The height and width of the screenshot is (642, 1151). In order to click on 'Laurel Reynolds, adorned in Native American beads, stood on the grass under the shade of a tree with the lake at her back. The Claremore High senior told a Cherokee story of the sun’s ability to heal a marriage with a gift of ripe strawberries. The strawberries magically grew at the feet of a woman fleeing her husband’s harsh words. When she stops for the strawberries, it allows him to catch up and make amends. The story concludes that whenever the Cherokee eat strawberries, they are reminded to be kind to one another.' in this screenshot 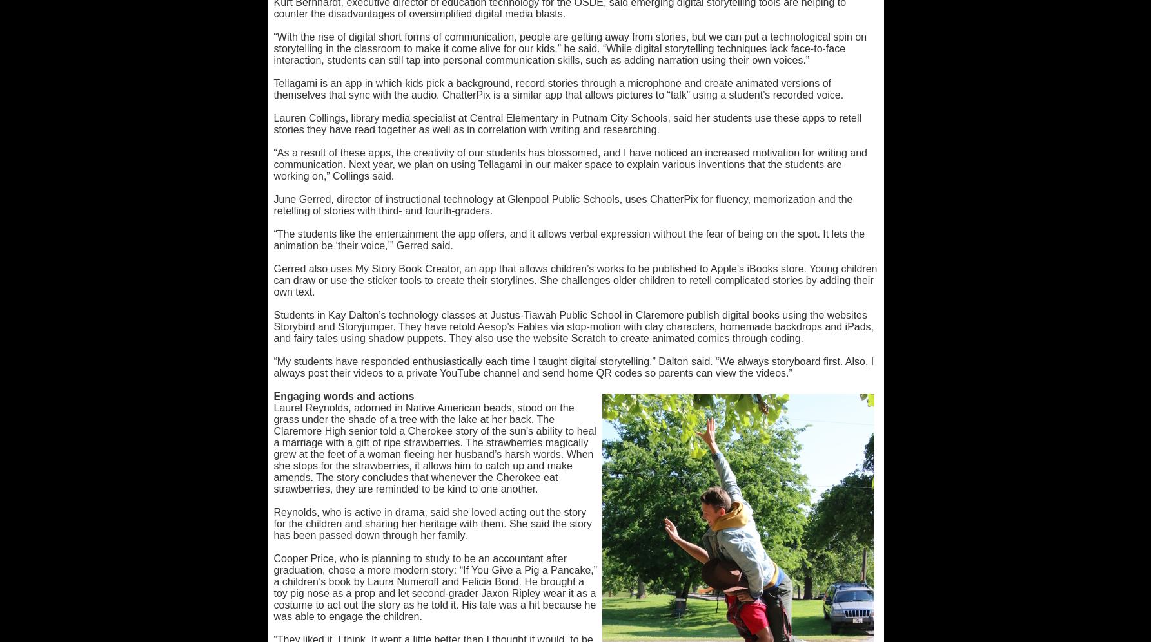, I will do `click(434, 448)`.